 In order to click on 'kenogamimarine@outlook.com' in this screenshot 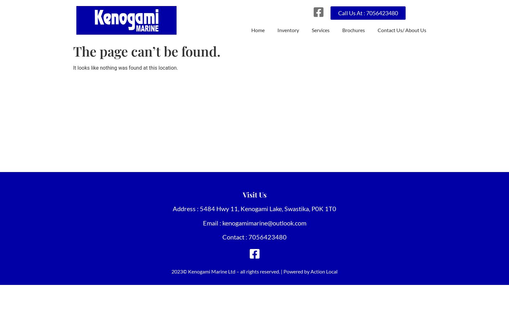, I will do `click(264, 222)`.